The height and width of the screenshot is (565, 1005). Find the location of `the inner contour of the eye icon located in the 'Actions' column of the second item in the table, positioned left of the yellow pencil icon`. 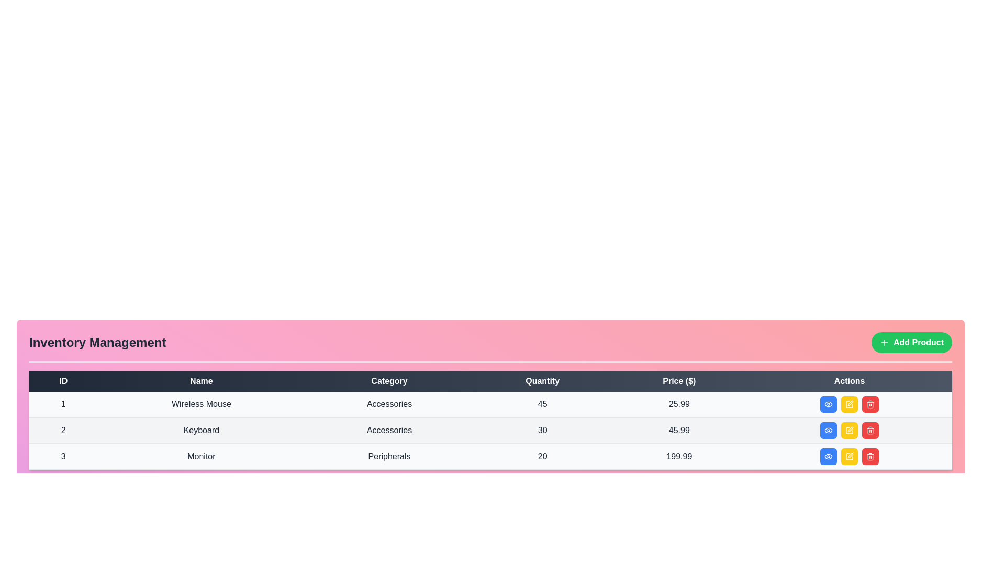

the inner contour of the eye icon located in the 'Actions' column of the second item in the table, positioned left of the yellow pencil icon is located at coordinates (828, 456).